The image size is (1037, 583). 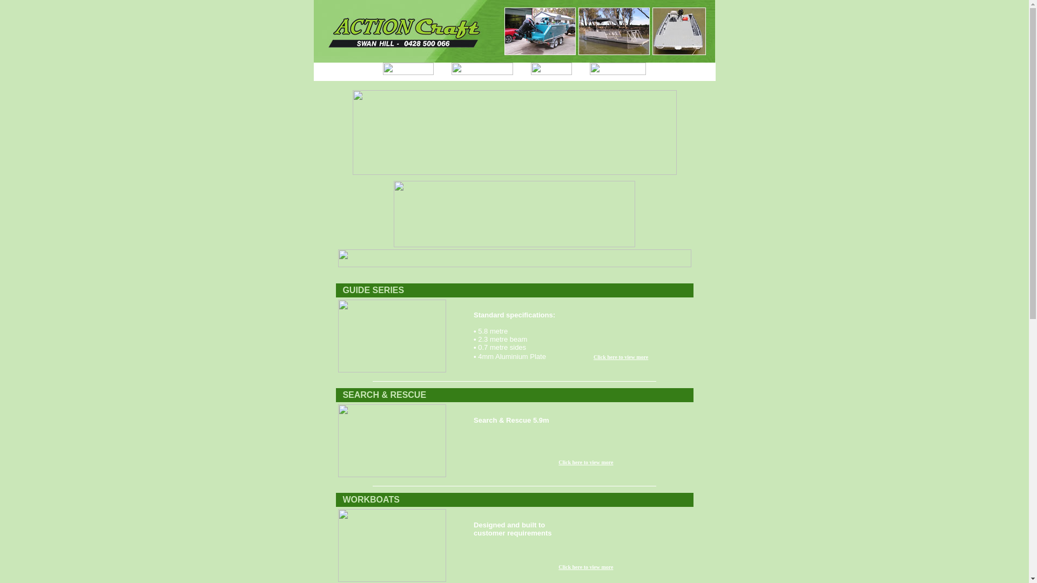 What do you see at coordinates (558, 462) in the screenshot?
I see `'Click here to view more'` at bounding box center [558, 462].